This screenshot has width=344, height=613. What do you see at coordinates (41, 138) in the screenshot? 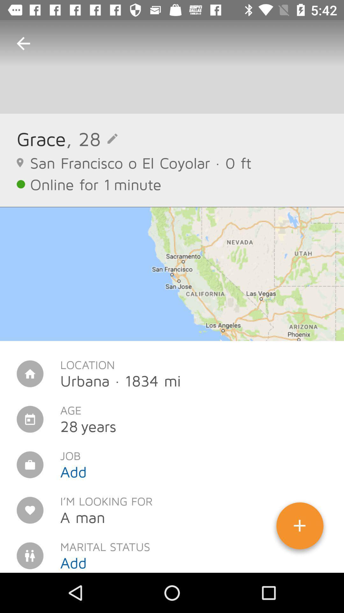
I see `the grace icon` at bounding box center [41, 138].